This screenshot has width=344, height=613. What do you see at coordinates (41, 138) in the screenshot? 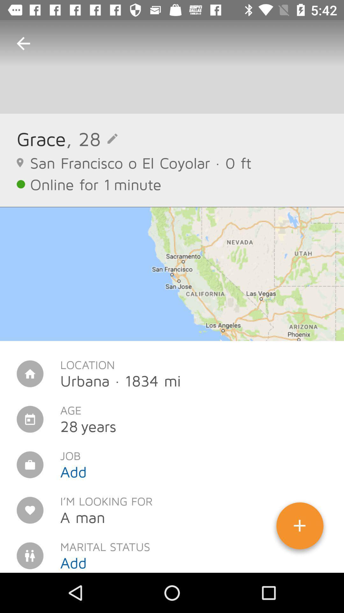
I see `the grace icon` at bounding box center [41, 138].